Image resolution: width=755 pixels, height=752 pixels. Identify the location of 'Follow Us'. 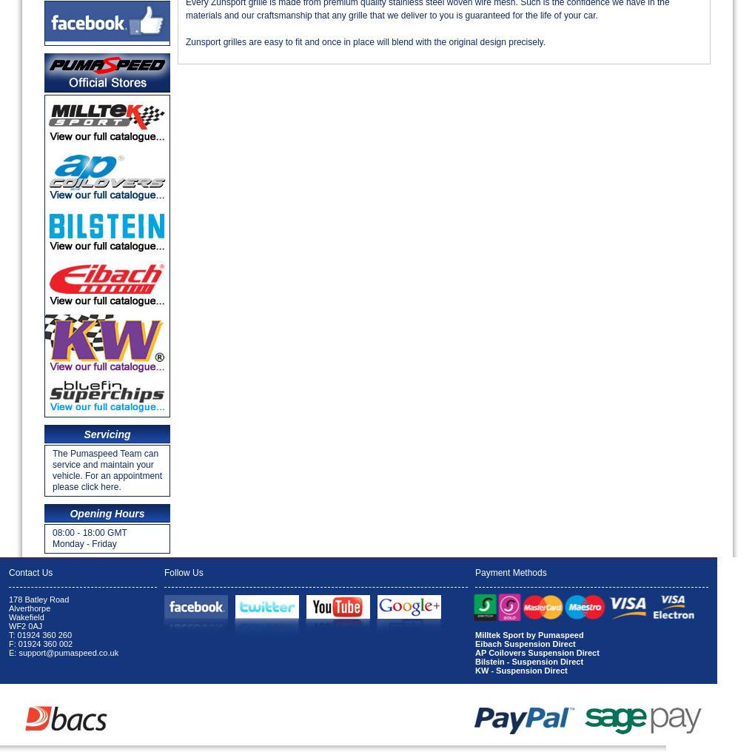
(183, 571).